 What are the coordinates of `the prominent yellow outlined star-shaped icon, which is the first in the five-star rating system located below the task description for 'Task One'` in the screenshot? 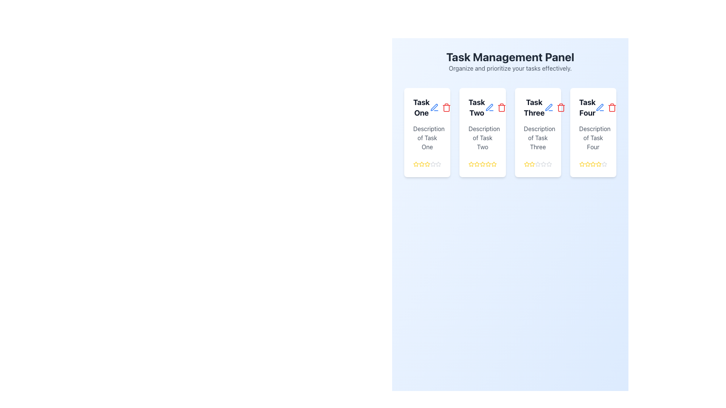 It's located at (416, 164).